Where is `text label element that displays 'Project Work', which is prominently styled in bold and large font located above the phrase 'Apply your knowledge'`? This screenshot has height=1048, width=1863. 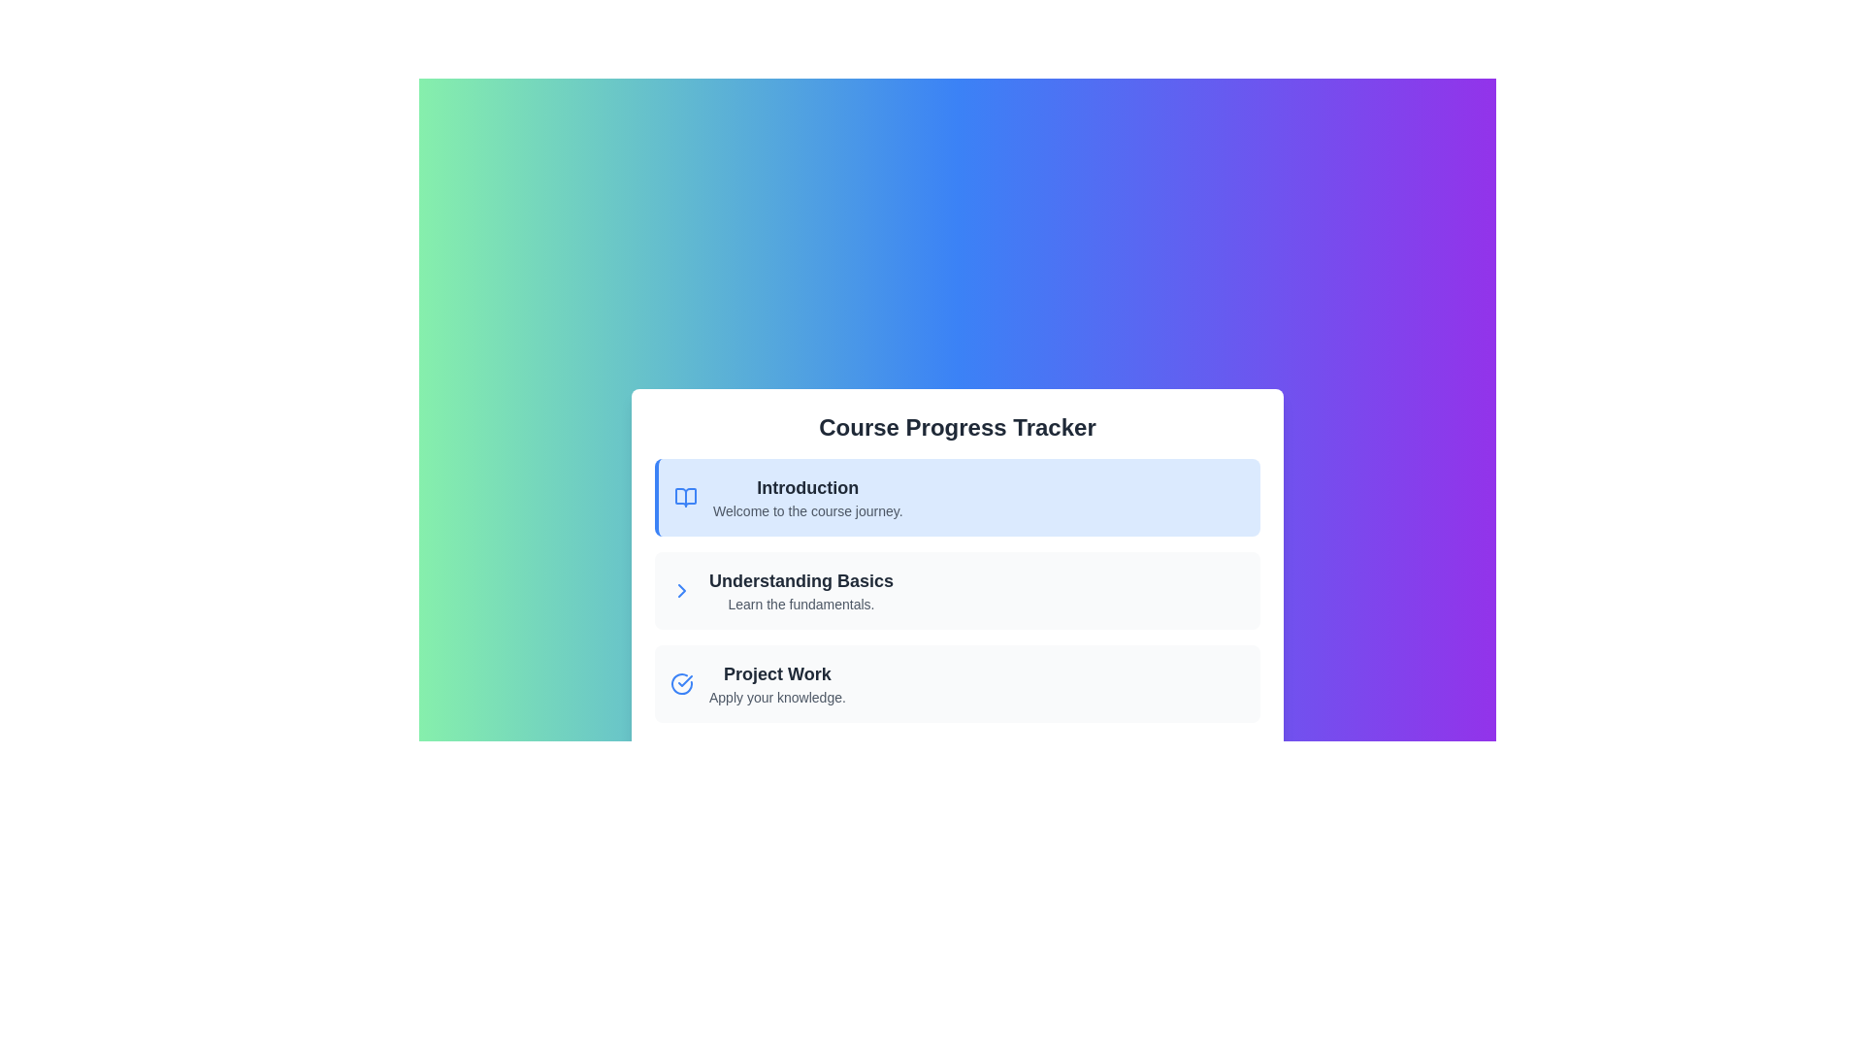
text label element that displays 'Project Work', which is prominently styled in bold and large font located above the phrase 'Apply your knowledge' is located at coordinates (777, 672).